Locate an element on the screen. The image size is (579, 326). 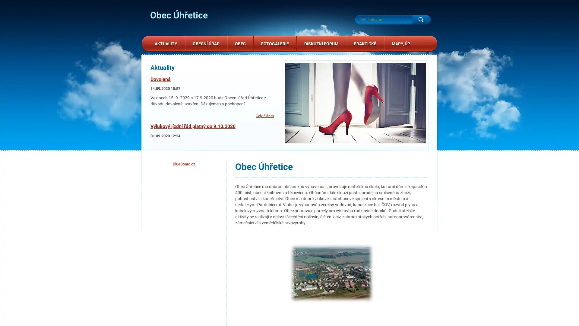
Hledat is located at coordinates (421, 19).